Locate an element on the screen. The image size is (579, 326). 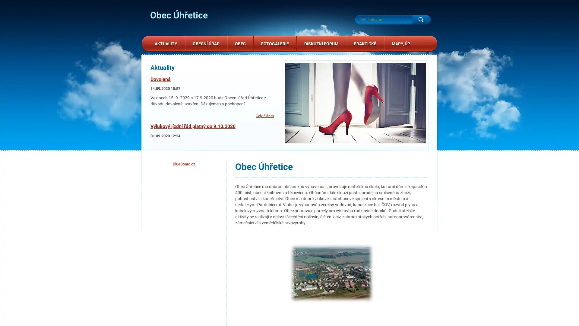
Hledat is located at coordinates (421, 19).